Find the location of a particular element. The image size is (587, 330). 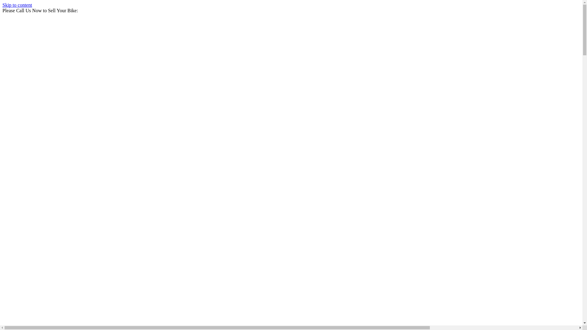

'Skip to content' is located at coordinates (17, 5).